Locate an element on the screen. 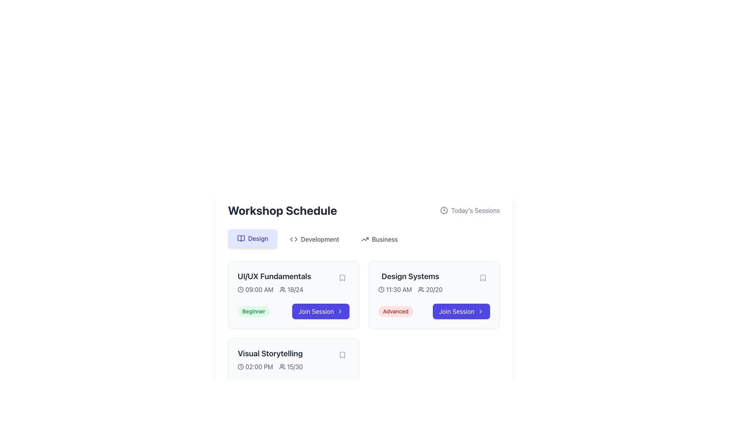 The width and height of the screenshot is (748, 421). the small circular button with a gray background and a bookmark icon located at the top-right corner of the 'Design Systems' session card is located at coordinates (482, 278).